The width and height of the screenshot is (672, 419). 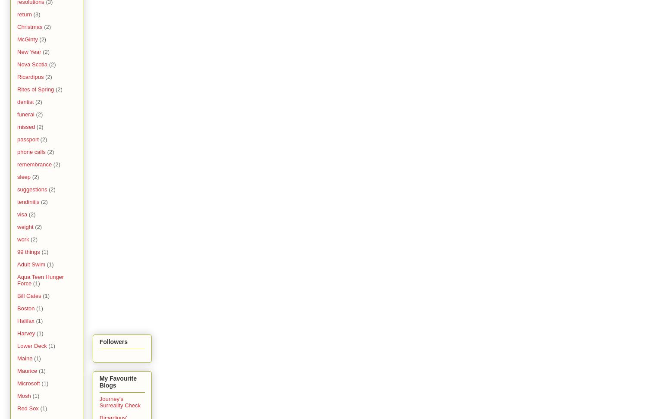 I want to click on '(3)', so click(x=36, y=14).